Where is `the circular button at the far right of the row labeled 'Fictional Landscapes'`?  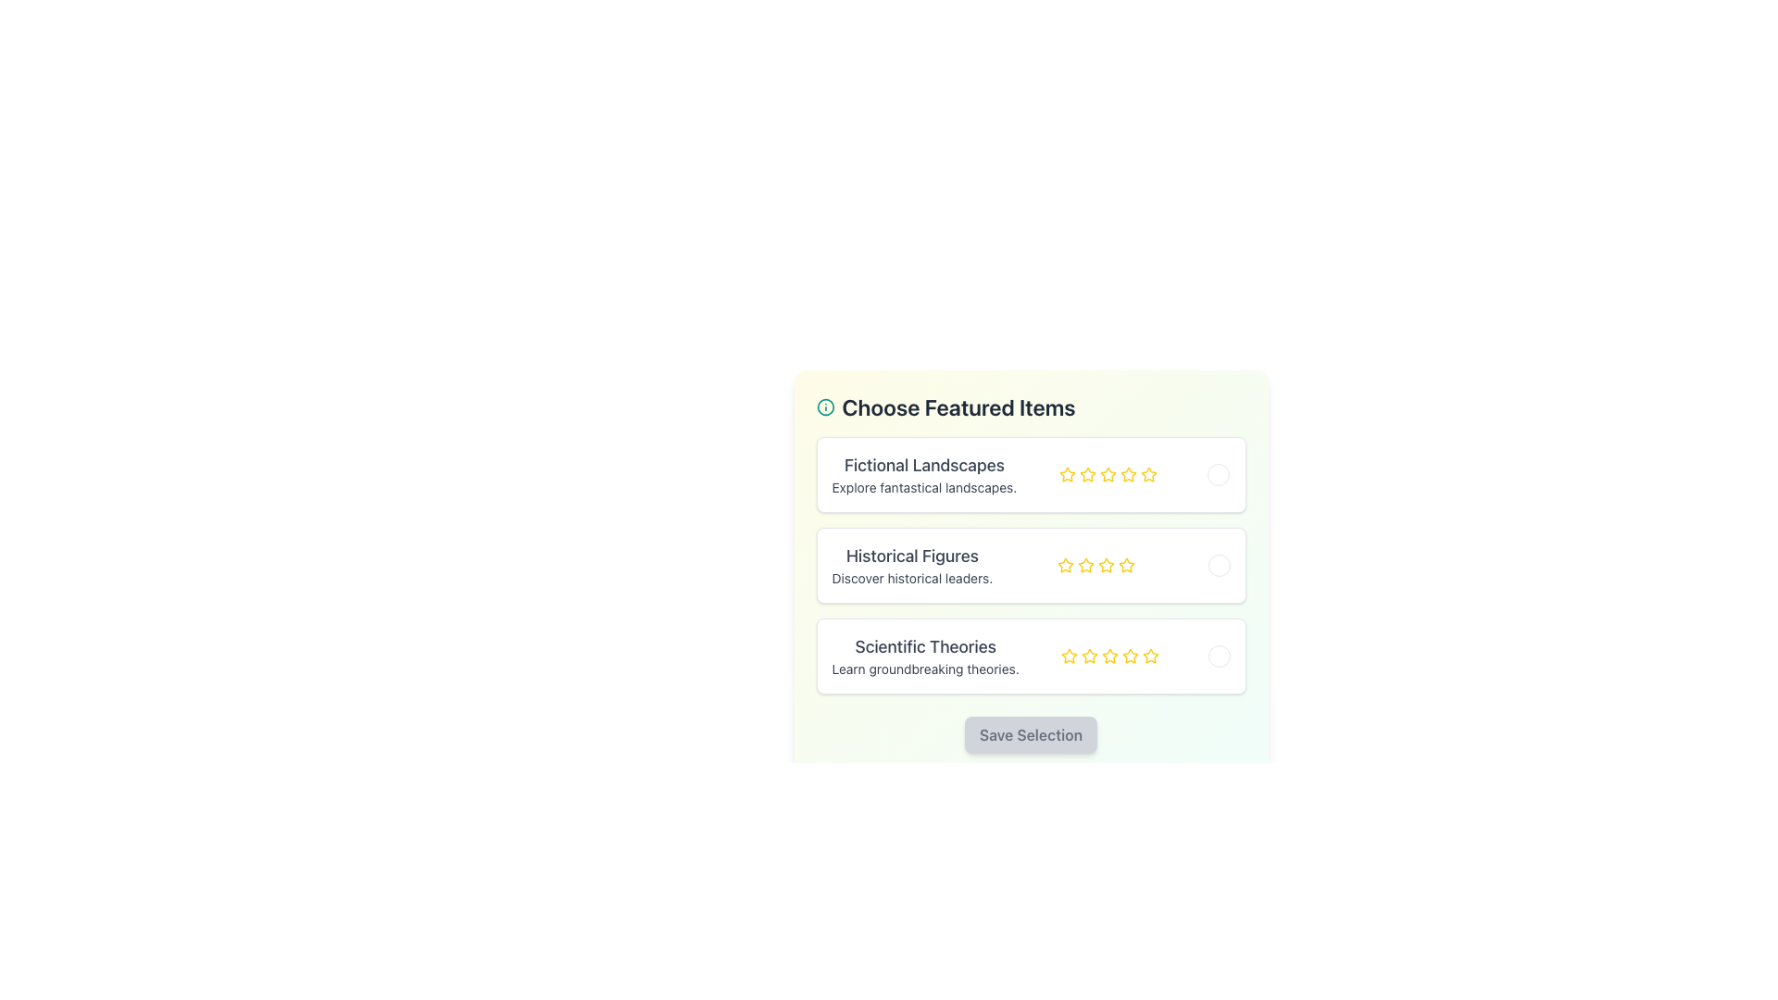
the circular button at the far right of the row labeled 'Fictional Landscapes' is located at coordinates (1219, 474).